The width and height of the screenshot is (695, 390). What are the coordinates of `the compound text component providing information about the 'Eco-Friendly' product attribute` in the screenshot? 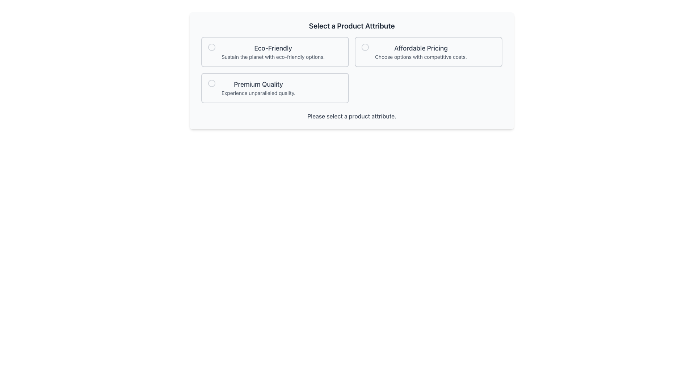 It's located at (273, 51).